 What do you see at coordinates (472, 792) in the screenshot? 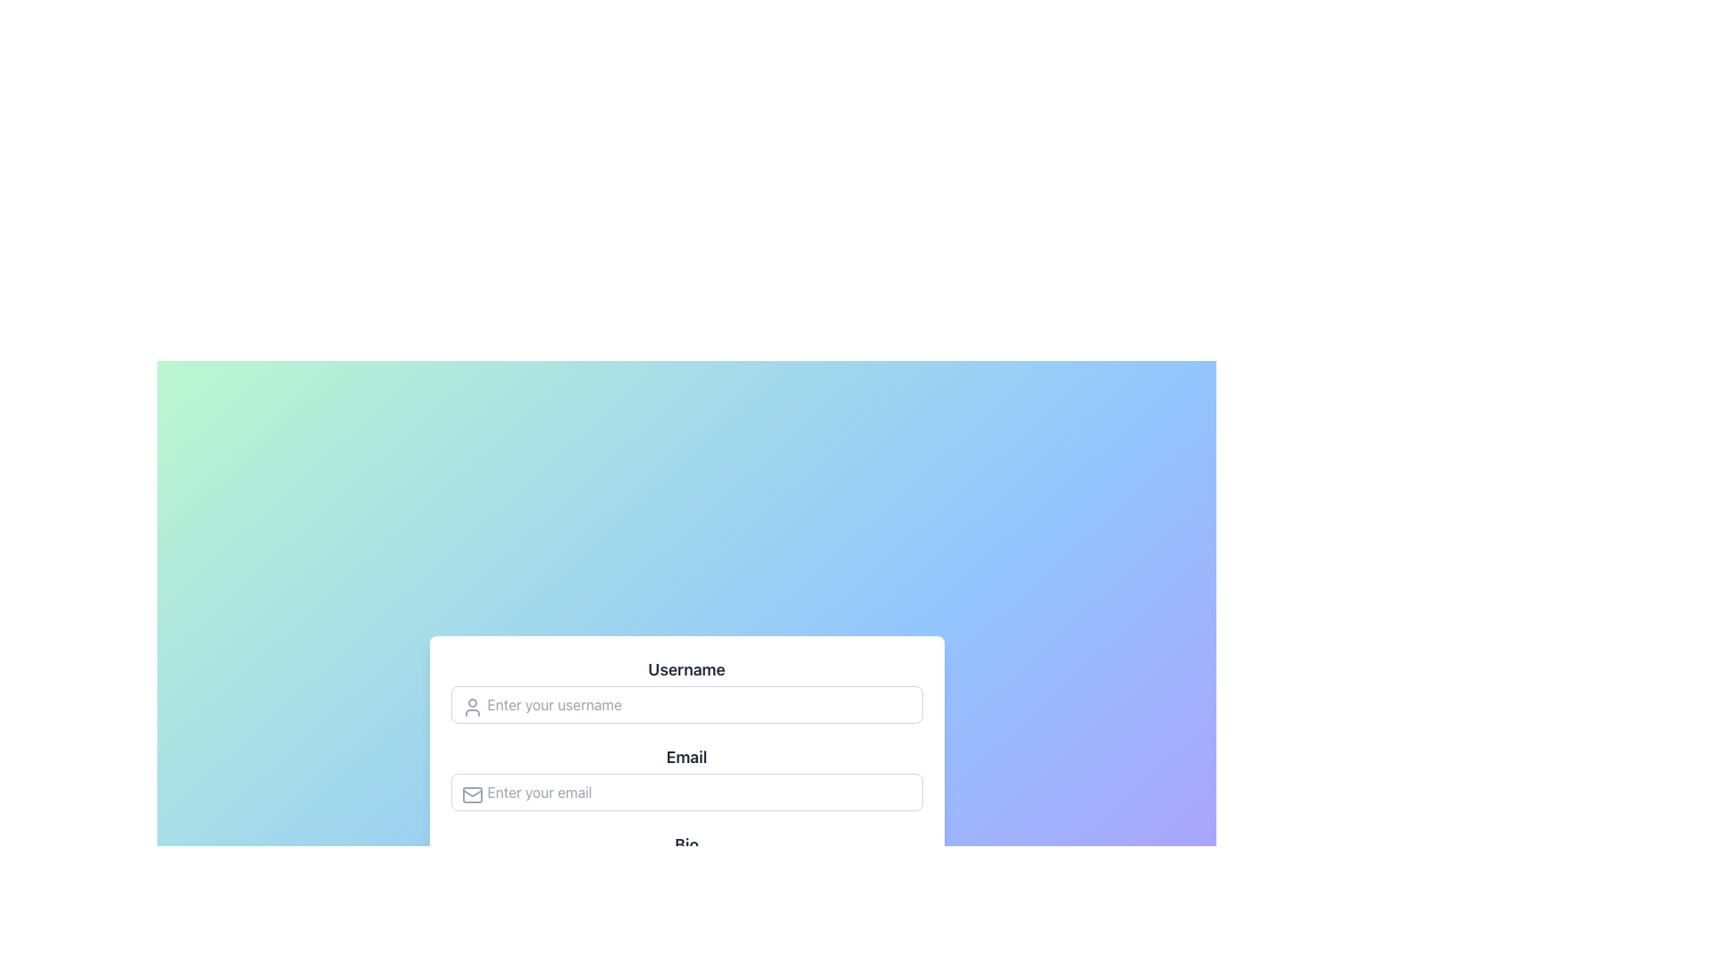
I see `graphical representation of the envelope flap, which is part of an SVG envelope icon located at the bottom edge of the icon` at bounding box center [472, 792].